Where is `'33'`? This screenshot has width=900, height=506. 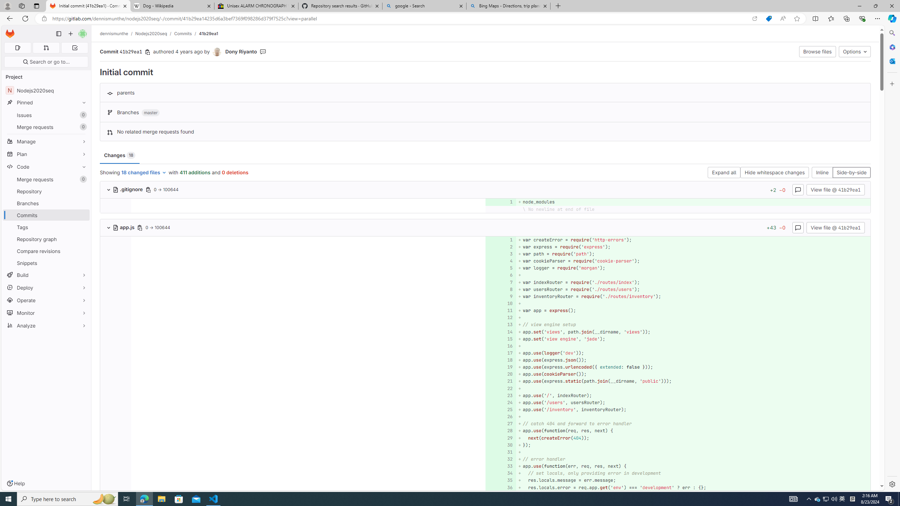
'33' is located at coordinates (500, 466).